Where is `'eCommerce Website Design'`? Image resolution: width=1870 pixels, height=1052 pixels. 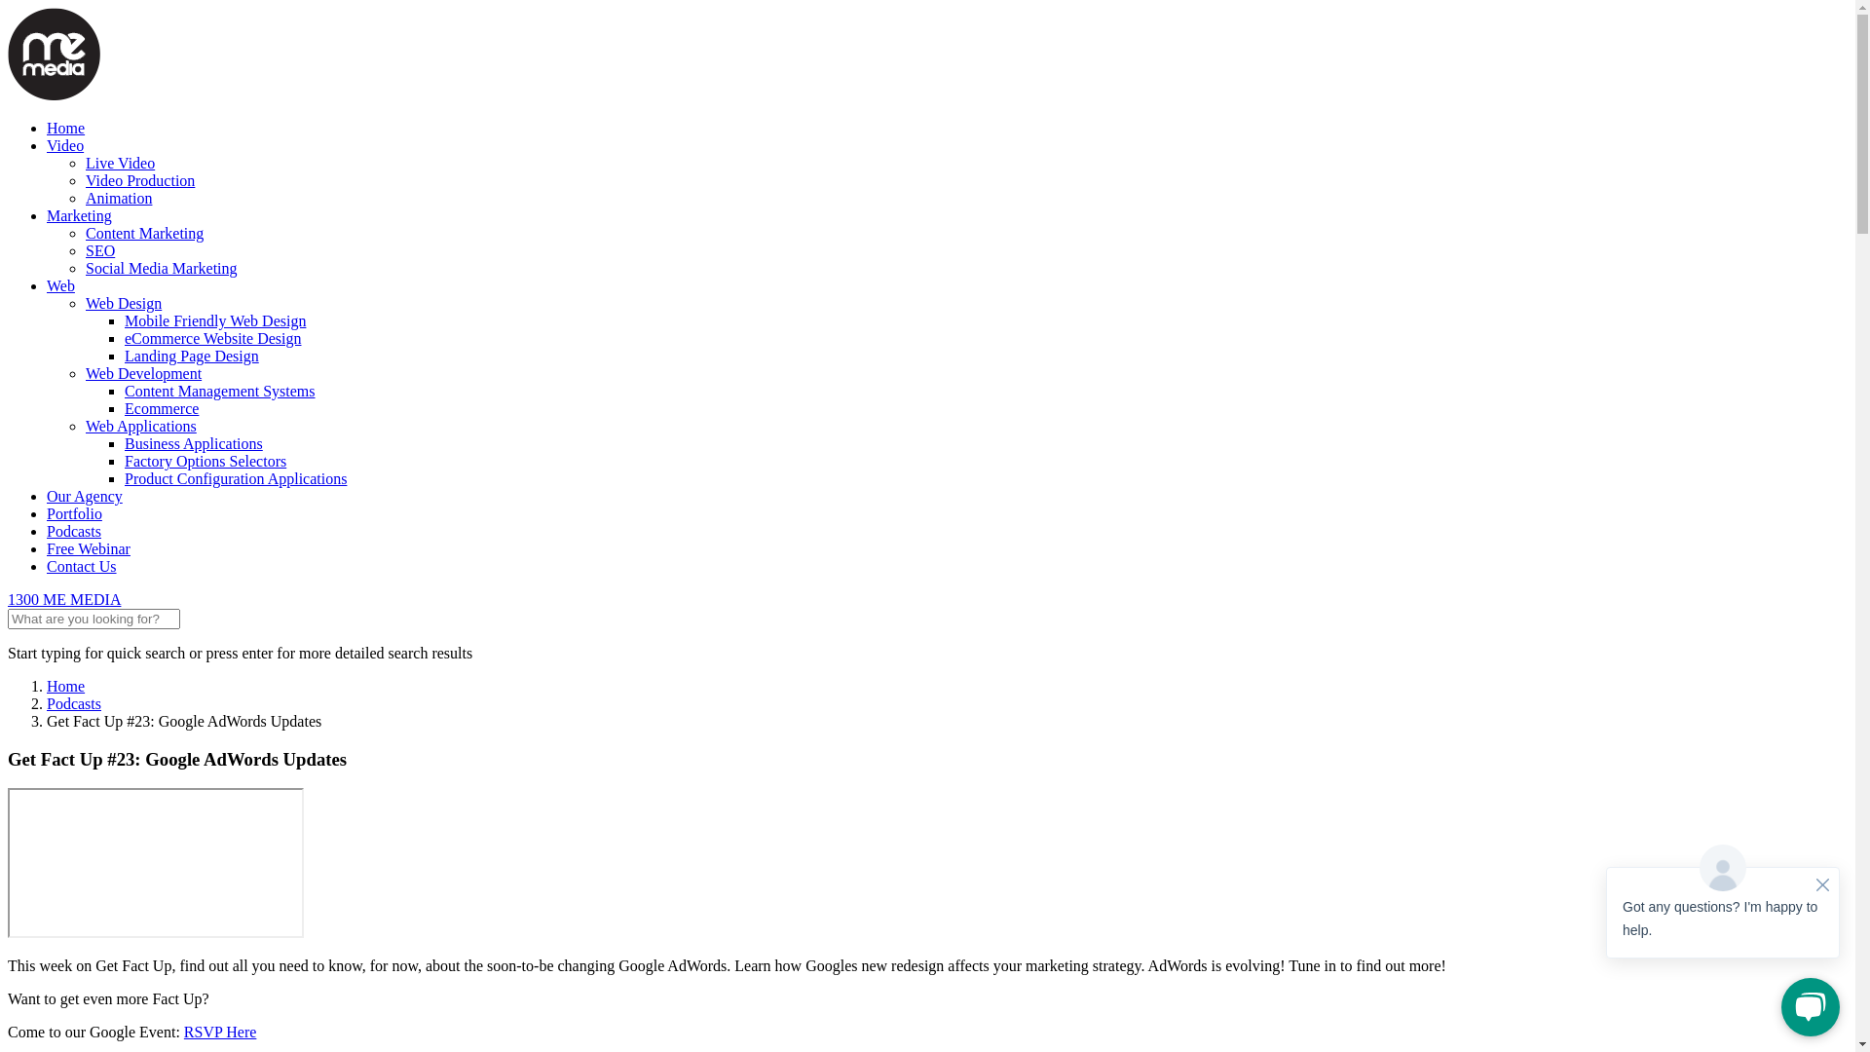
'eCommerce Website Design' is located at coordinates (212, 337).